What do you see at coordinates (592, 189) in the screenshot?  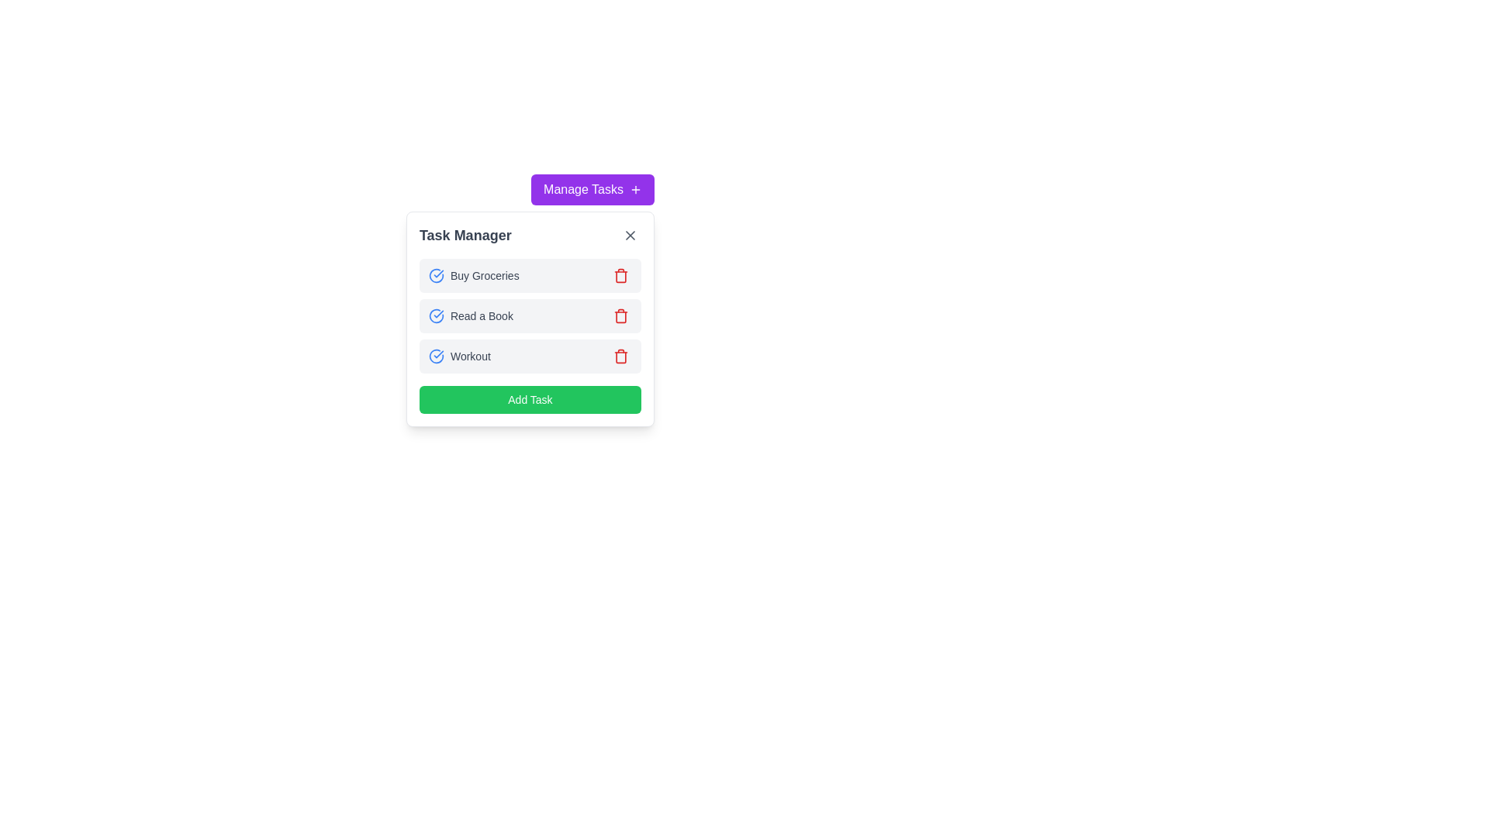 I see `the button that toggles the visibility of the task management panel, located above the 'Task Manager' title` at bounding box center [592, 189].